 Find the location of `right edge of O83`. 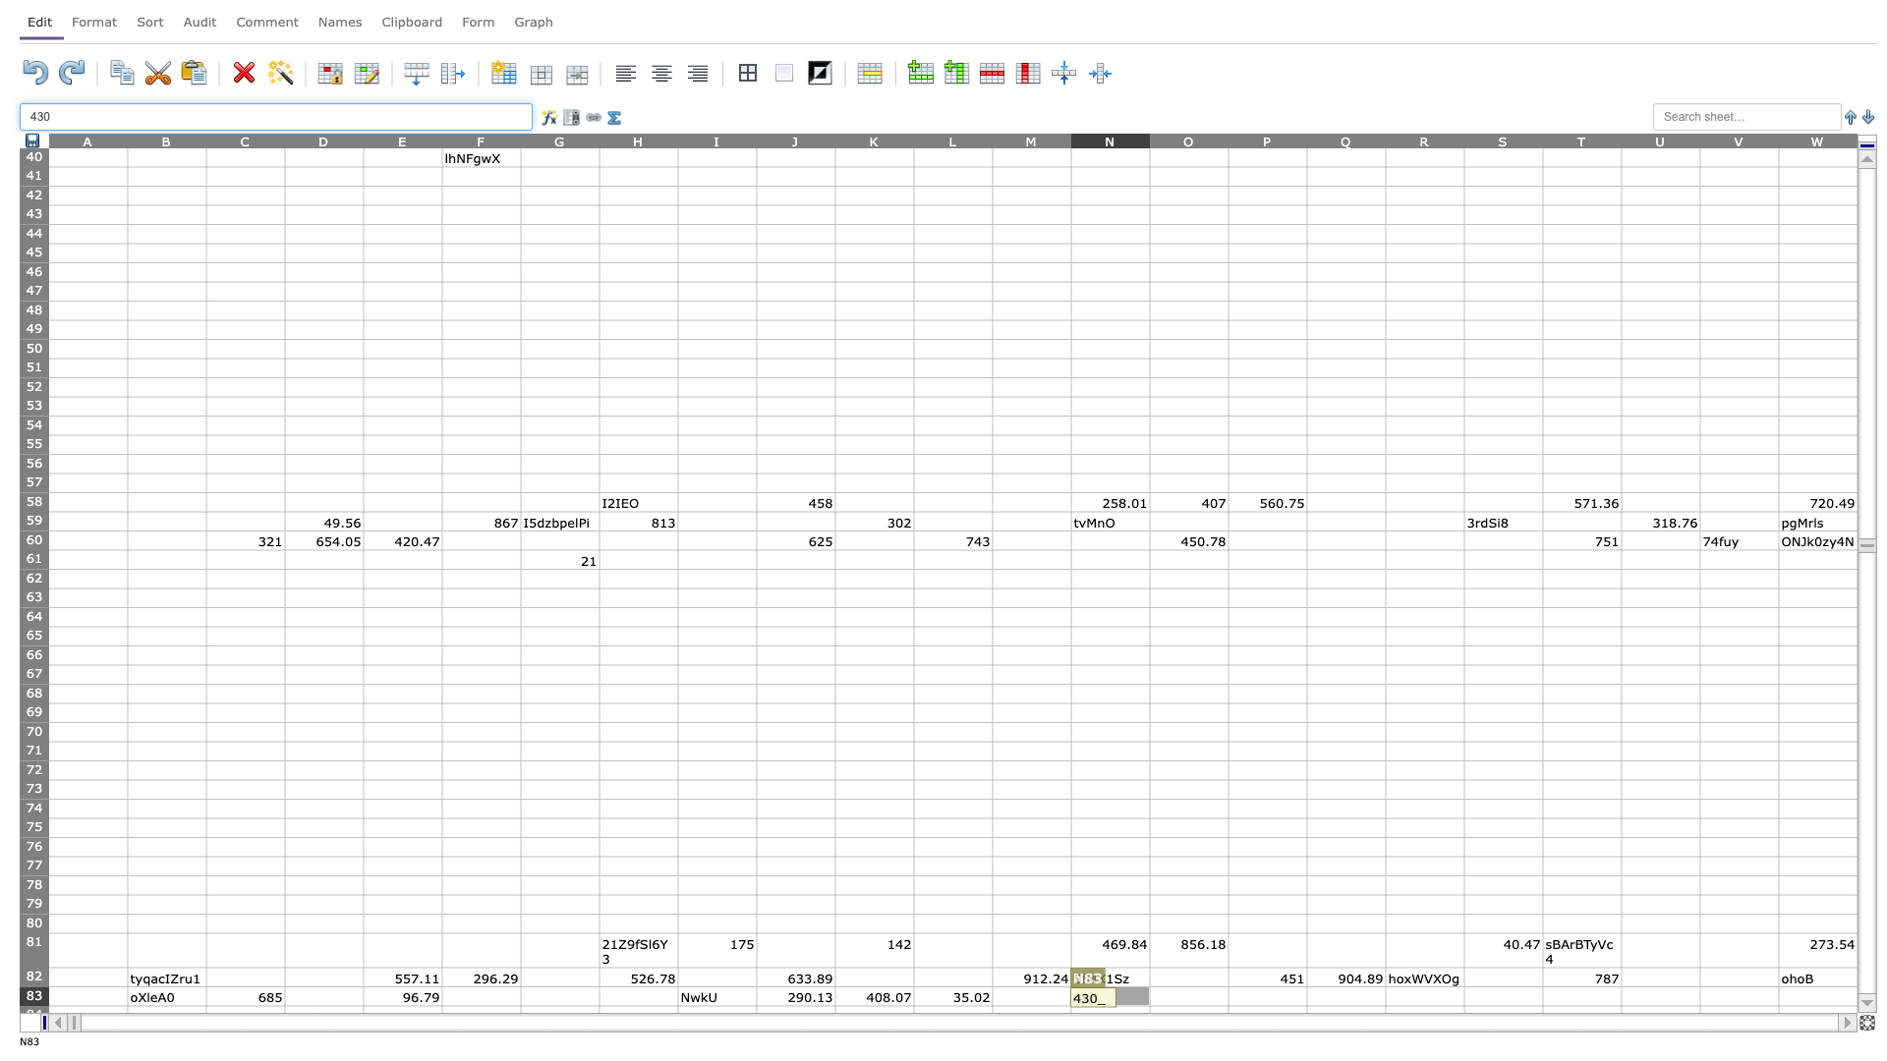

right edge of O83 is located at coordinates (1227, 996).